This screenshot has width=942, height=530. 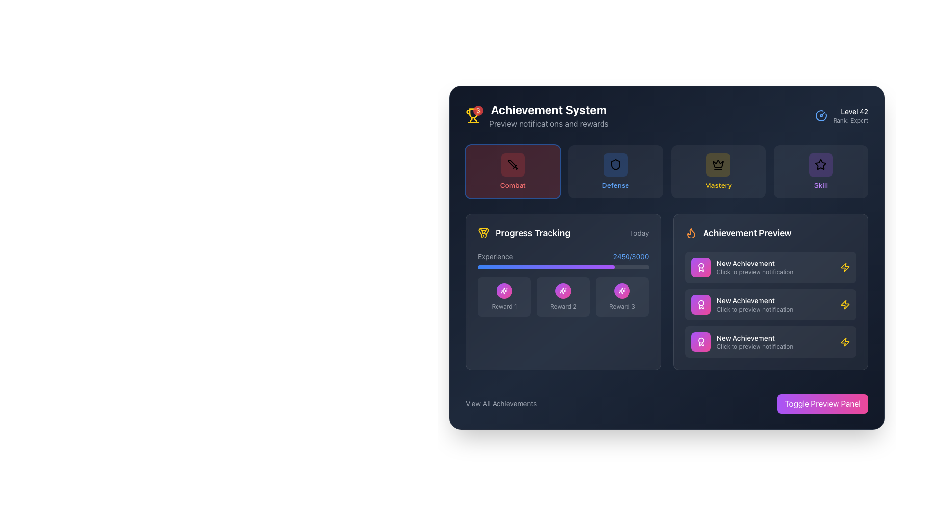 I want to click on the star-shaped icon in the top-right quadrant of the interface, which symbolizes a feature or achievement associated with the Skill section, so click(x=821, y=164).